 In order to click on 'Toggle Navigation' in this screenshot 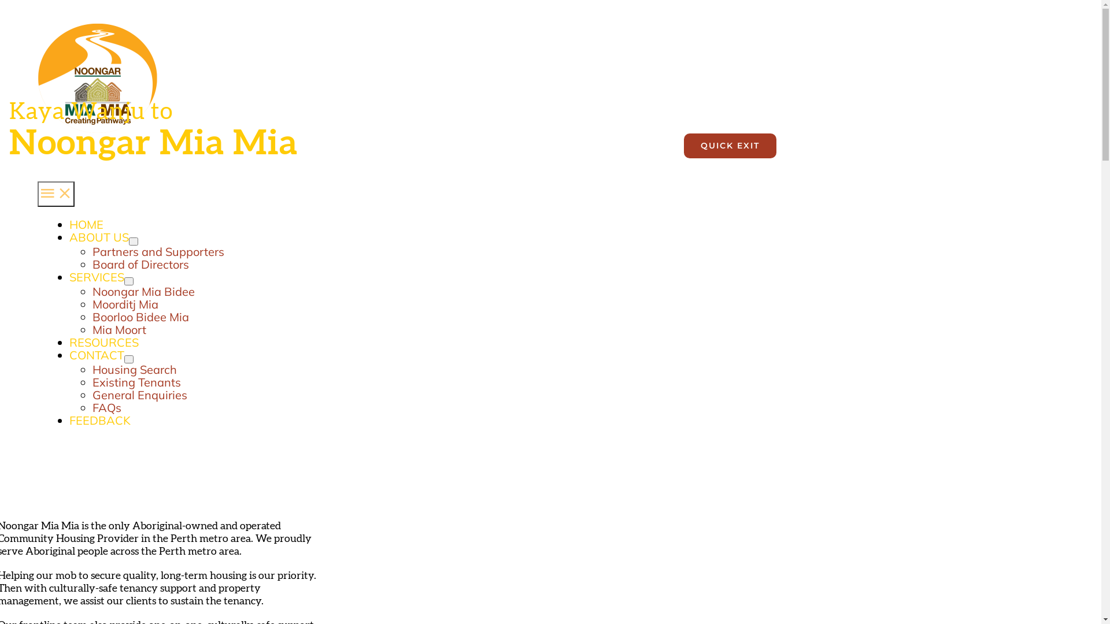, I will do `click(38, 193)`.